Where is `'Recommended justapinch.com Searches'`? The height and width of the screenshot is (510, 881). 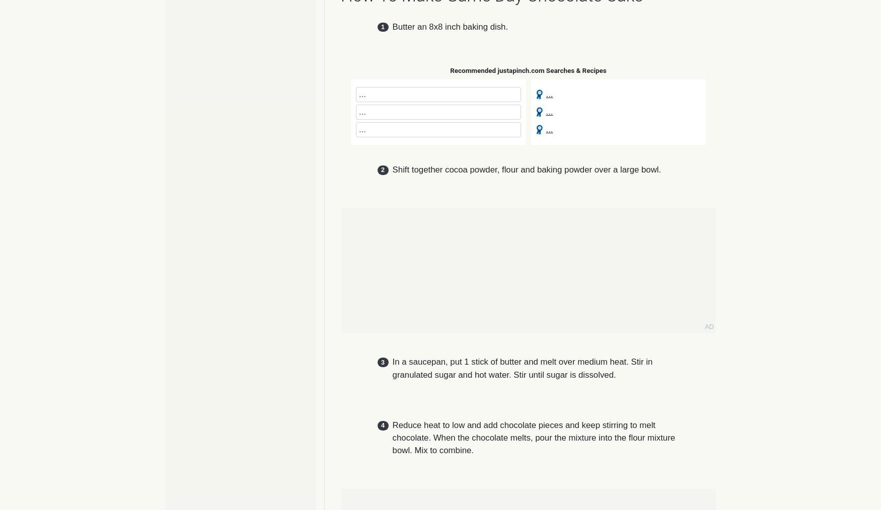
'Recommended justapinch.com Searches' is located at coordinates (450, 70).